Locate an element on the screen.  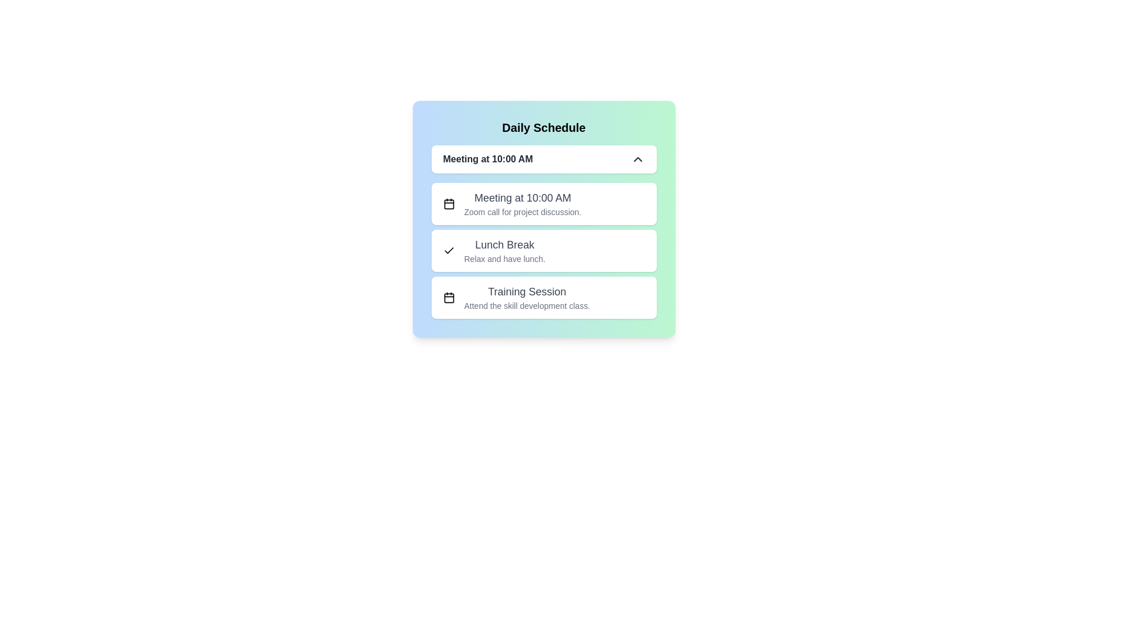
the event Training Session from the dropdown menu is located at coordinates (543, 297).